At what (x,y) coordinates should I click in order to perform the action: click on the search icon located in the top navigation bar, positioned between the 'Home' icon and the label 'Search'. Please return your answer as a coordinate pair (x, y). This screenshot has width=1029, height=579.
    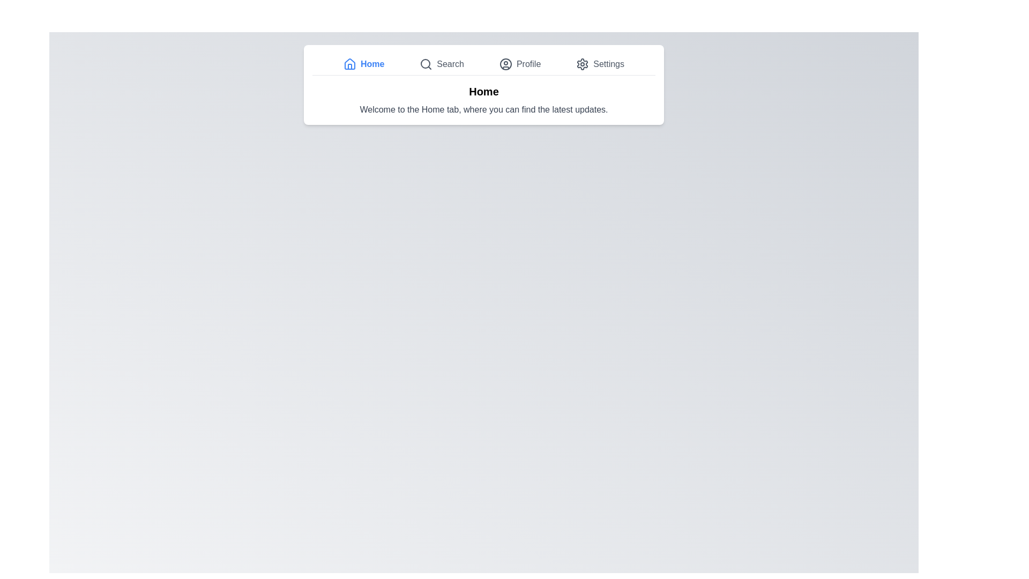
    Looking at the image, I should click on (426, 64).